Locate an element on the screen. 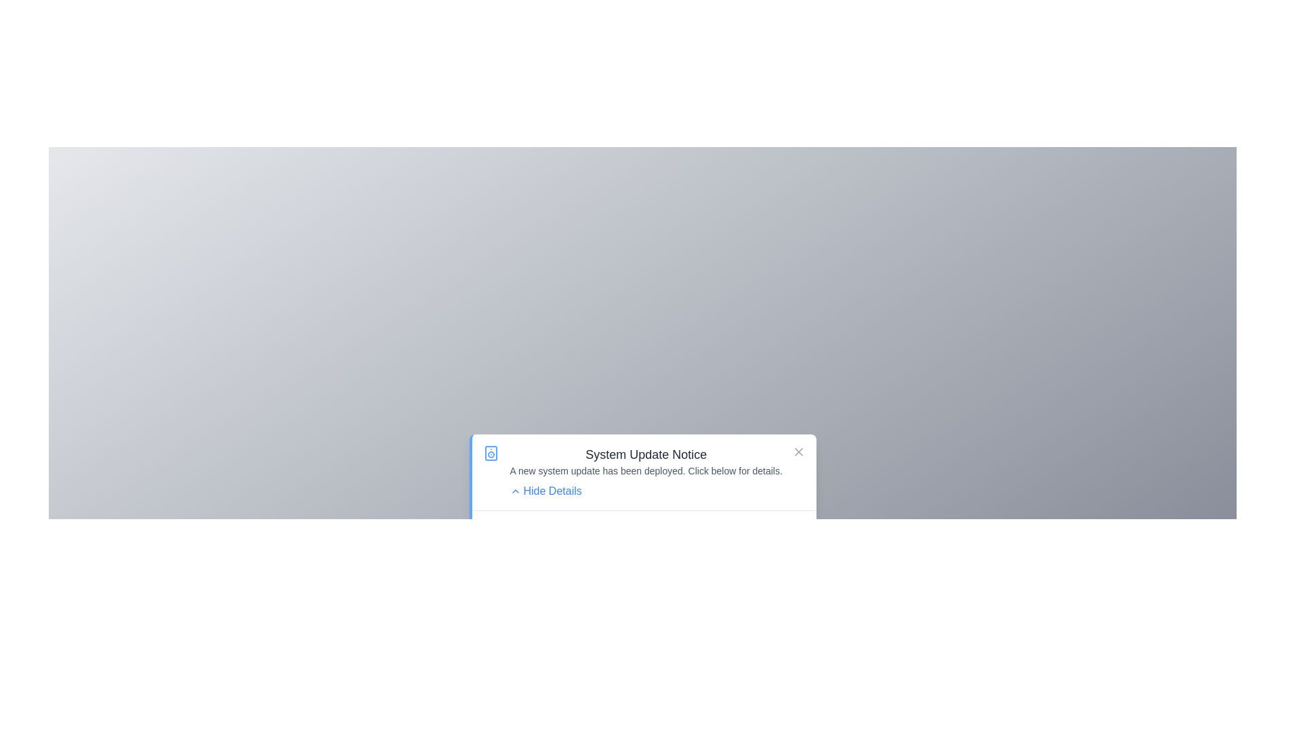 The width and height of the screenshot is (1301, 732). the speaker icon in the InfoBox is located at coordinates (490, 453).